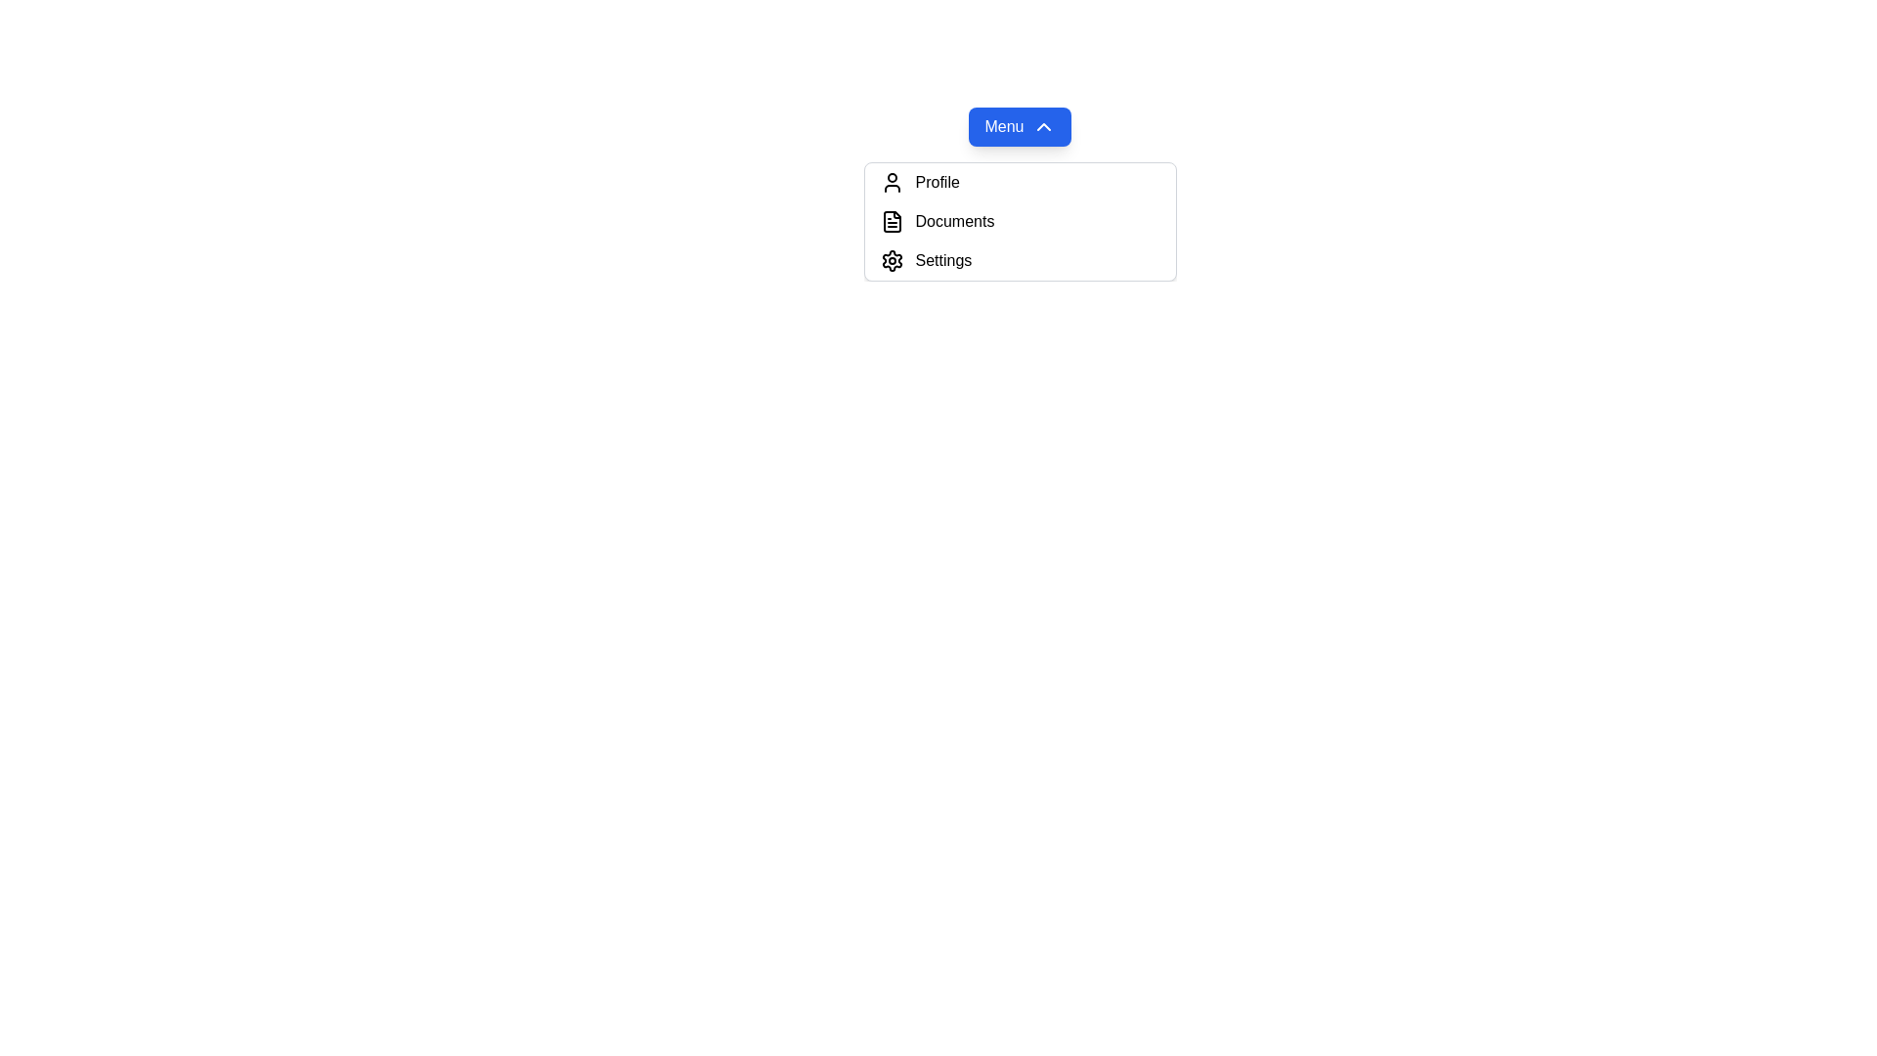  I want to click on the blue 'Menu' button with white text and a chevron-up icon, so click(1019, 127).